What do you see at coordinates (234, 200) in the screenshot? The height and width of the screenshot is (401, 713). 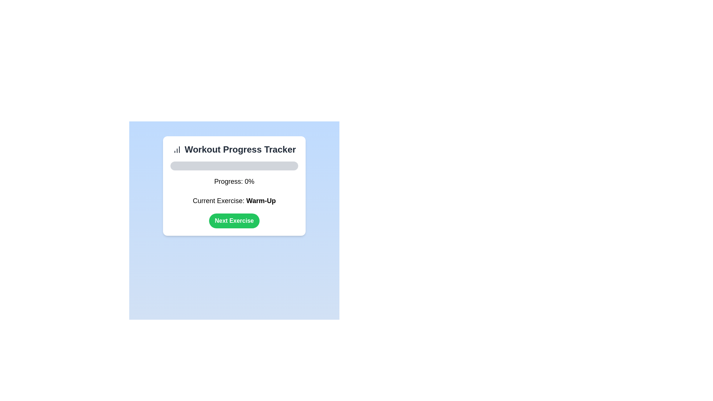 I see `the text label that reads 'Current Exercise: Warm-Up', which is the fourth interactive component in the layout, positioned below the progress bar labeled 'Progress: 0%'` at bounding box center [234, 200].